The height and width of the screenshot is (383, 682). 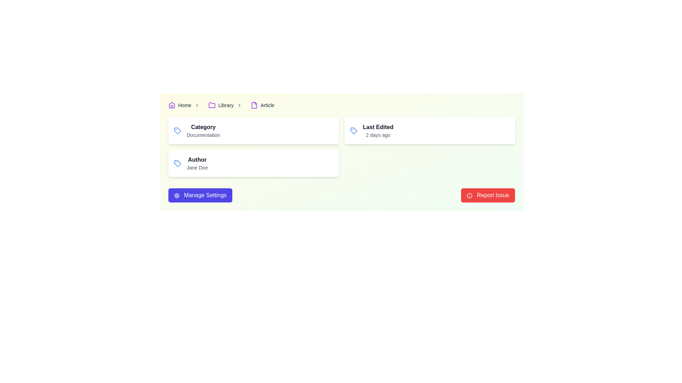 What do you see at coordinates (185, 105) in the screenshot?
I see `the hyperlink in the breadcrumb navigation bar that redirects users to the home page` at bounding box center [185, 105].